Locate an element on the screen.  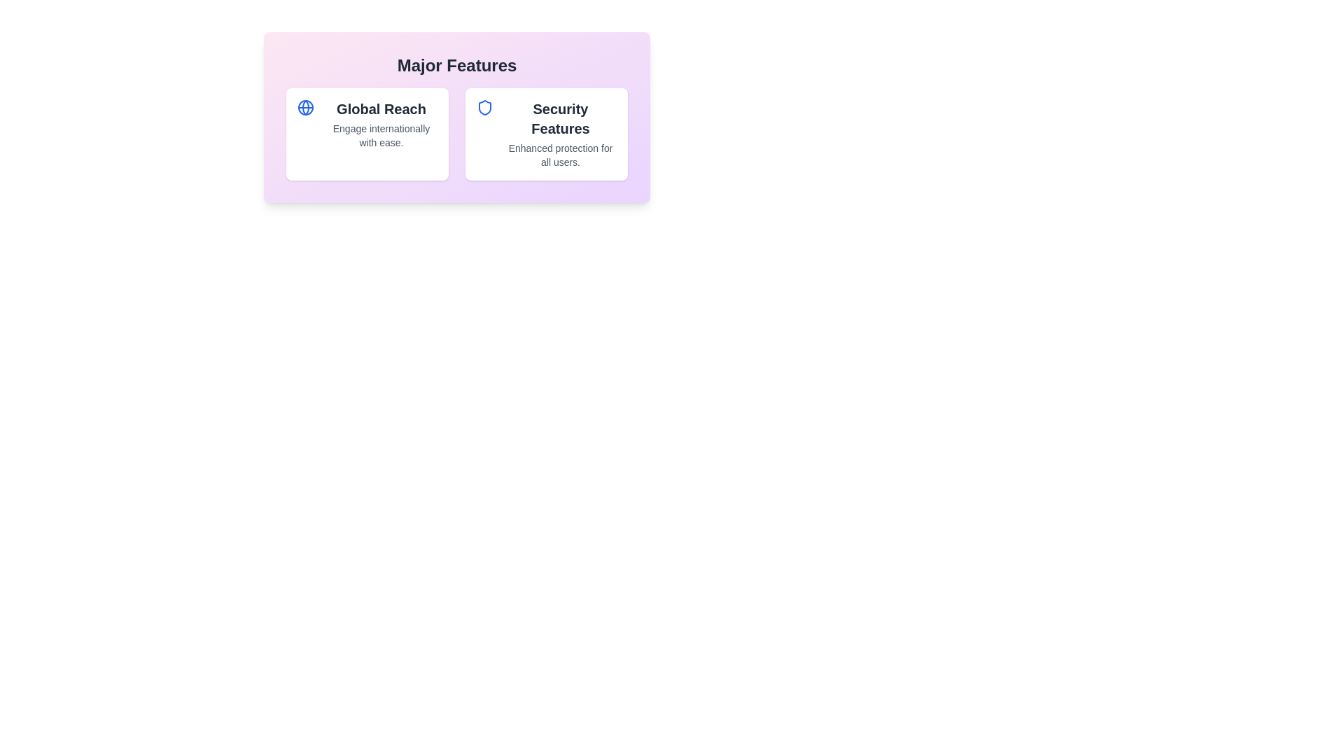
the 'Major Features' header text is located at coordinates (456, 65).